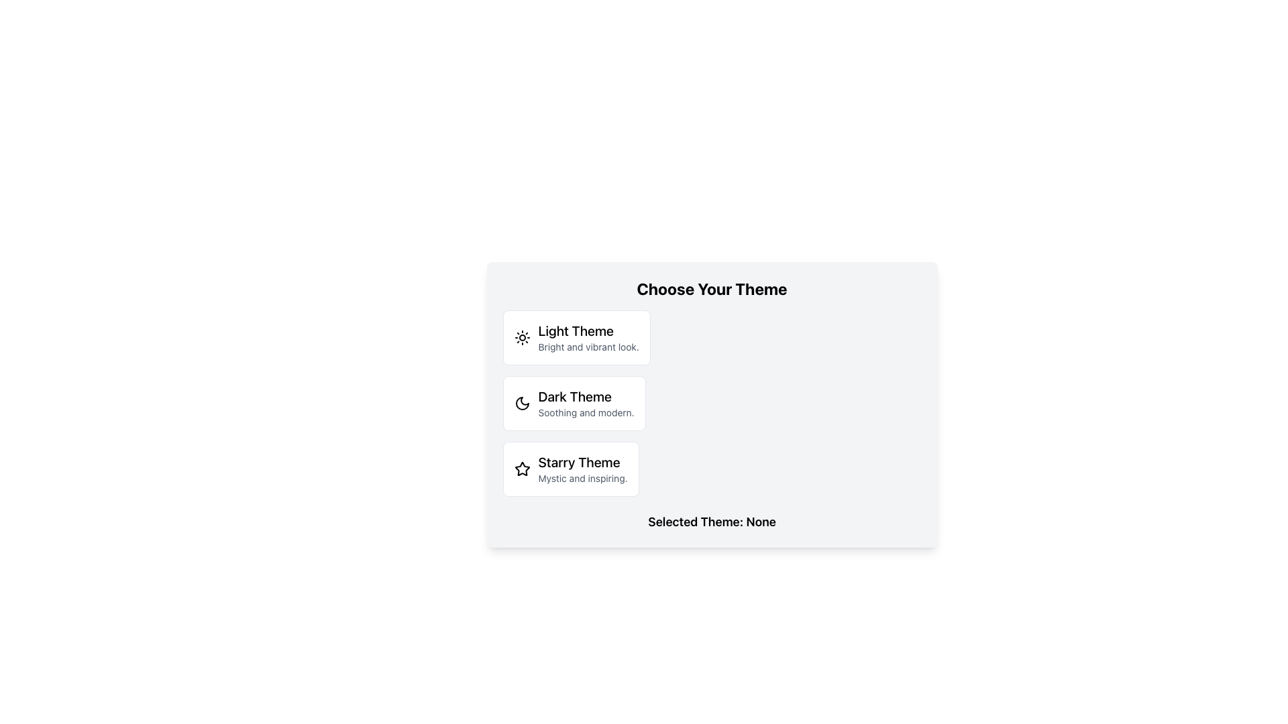 This screenshot has height=724, width=1288. What do you see at coordinates (588, 330) in the screenshot?
I see `the 'Light Theme' text label, which is styled with a larger and bold font and positioned above the descriptive text 'Bright and vibrant look.'` at bounding box center [588, 330].